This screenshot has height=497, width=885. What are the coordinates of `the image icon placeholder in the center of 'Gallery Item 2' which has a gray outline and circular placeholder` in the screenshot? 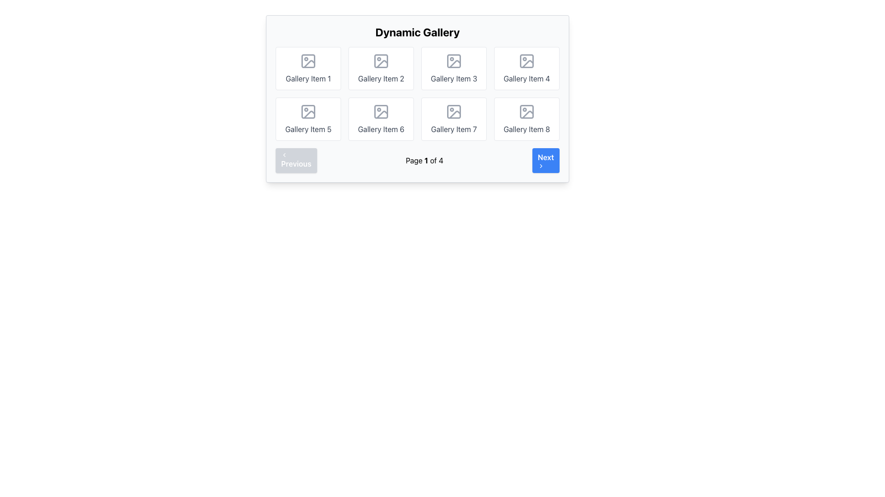 It's located at (381, 61).